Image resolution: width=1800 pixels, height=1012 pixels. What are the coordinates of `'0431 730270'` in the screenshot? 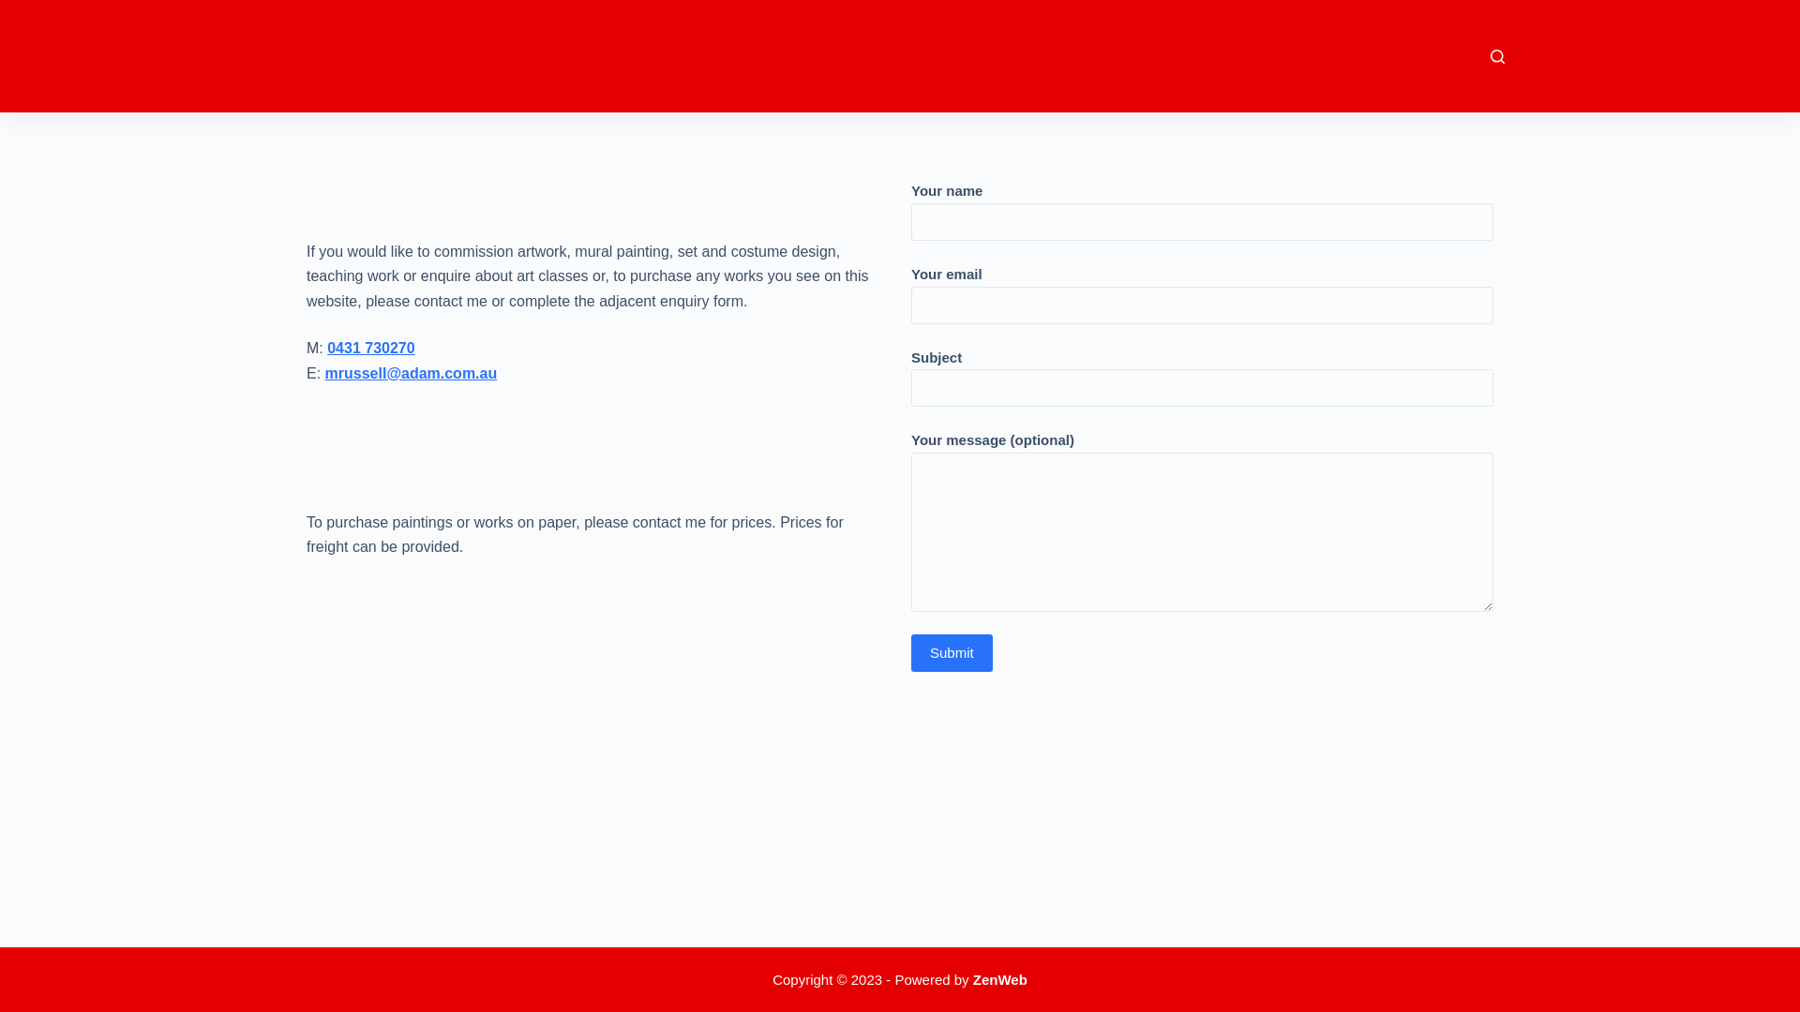 It's located at (327, 348).